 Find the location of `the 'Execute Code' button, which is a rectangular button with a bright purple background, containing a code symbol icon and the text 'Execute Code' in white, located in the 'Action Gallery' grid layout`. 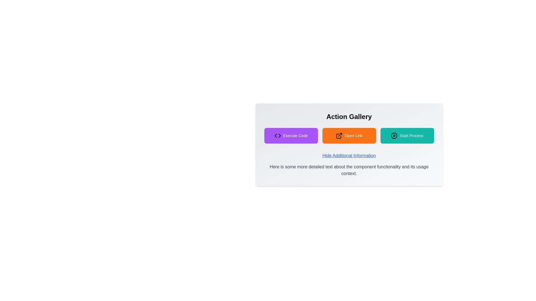

the 'Execute Code' button, which is a rectangular button with a bright purple background, containing a code symbol icon and the text 'Execute Code' in white, located in the 'Action Gallery' grid layout is located at coordinates (291, 135).